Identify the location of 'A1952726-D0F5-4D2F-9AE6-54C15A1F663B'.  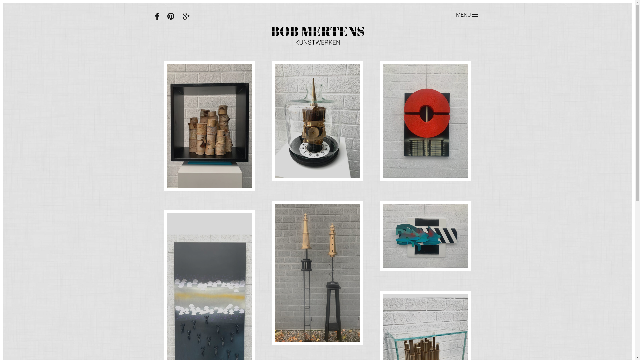
(166, 126).